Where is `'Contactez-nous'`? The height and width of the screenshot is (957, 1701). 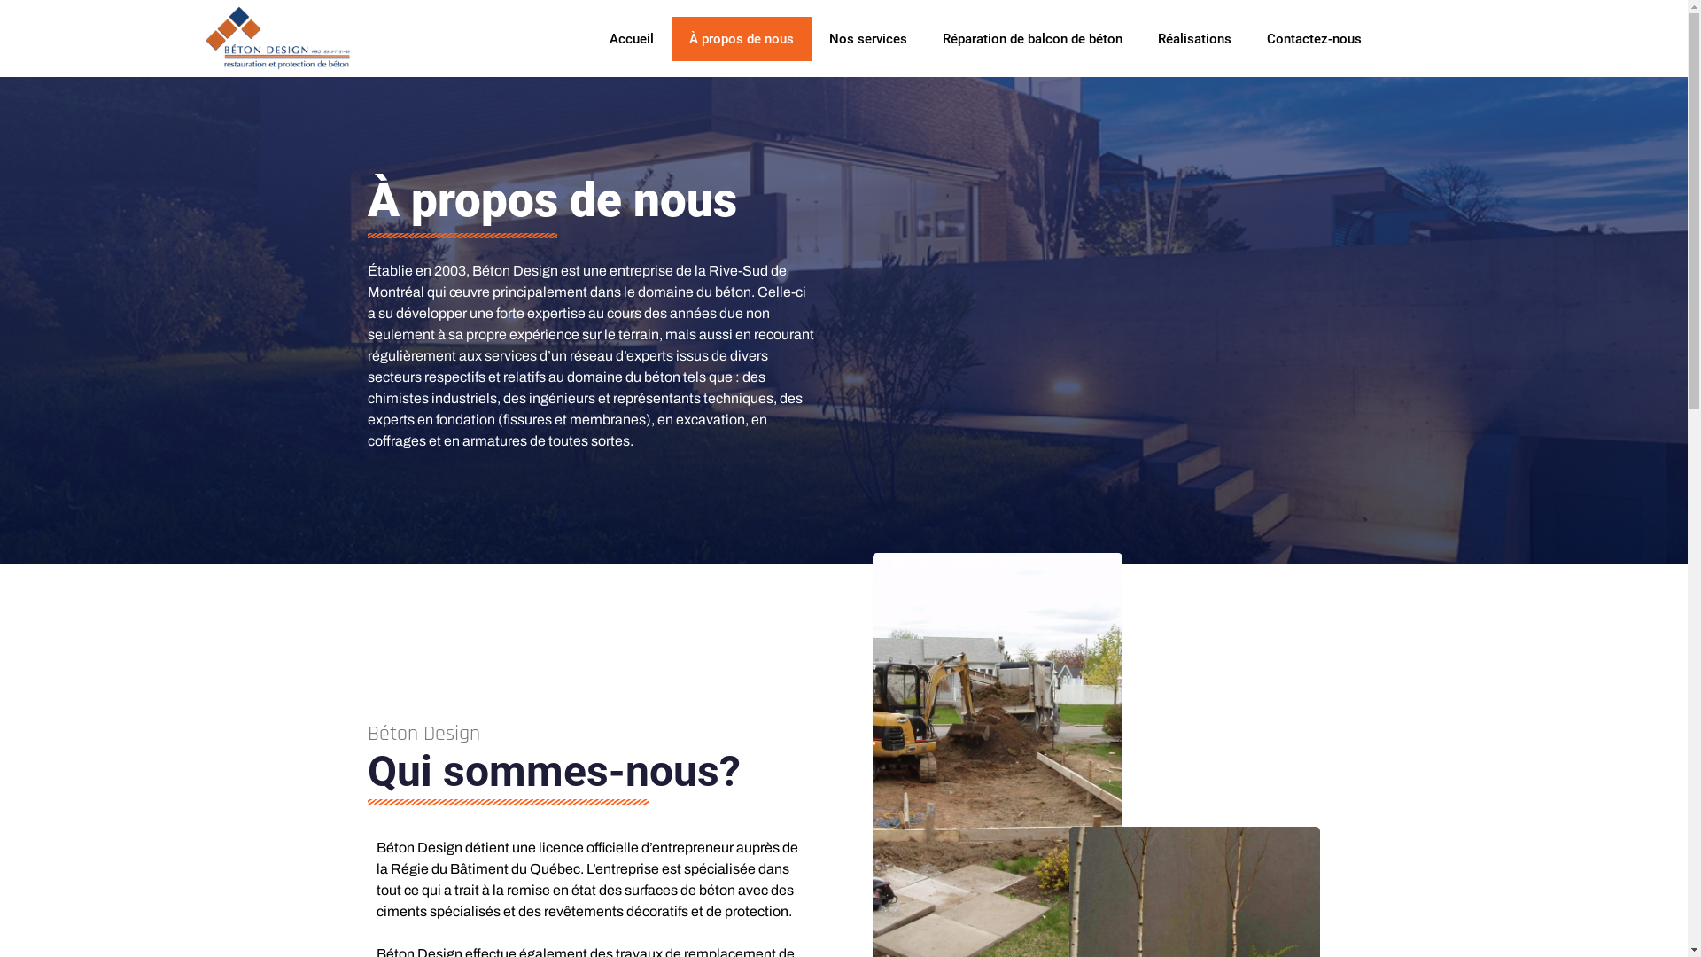 'Contactez-nous' is located at coordinates (1314, 38).